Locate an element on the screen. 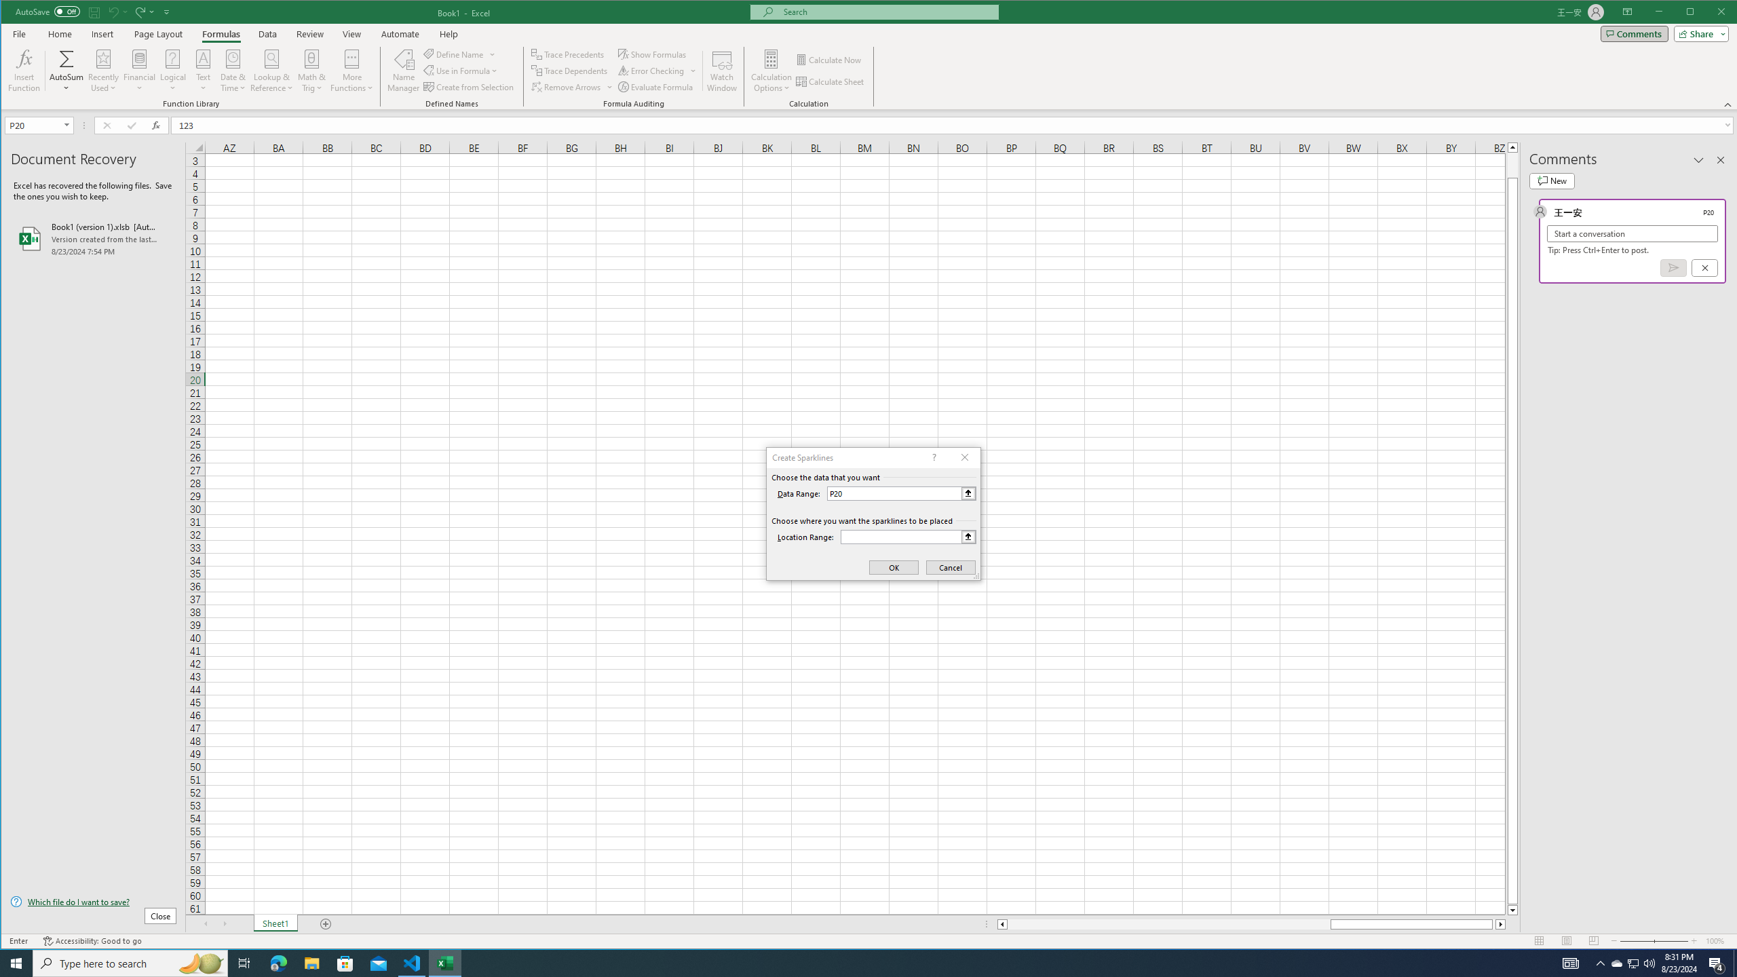 This screenshot has height=977, width=1737. 'Collapse the Ribbon' is located at coordinates (1728, 104).